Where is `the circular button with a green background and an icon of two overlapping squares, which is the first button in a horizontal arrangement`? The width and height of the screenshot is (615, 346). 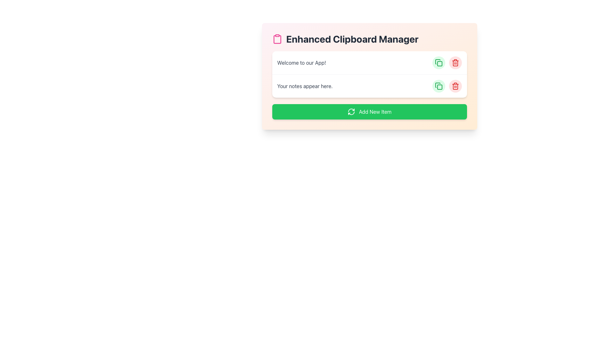
the circular button with a green background and an icon of two overlapping squares, which is the first button in a horizontal arrangement is located at coordinates (438, 63).